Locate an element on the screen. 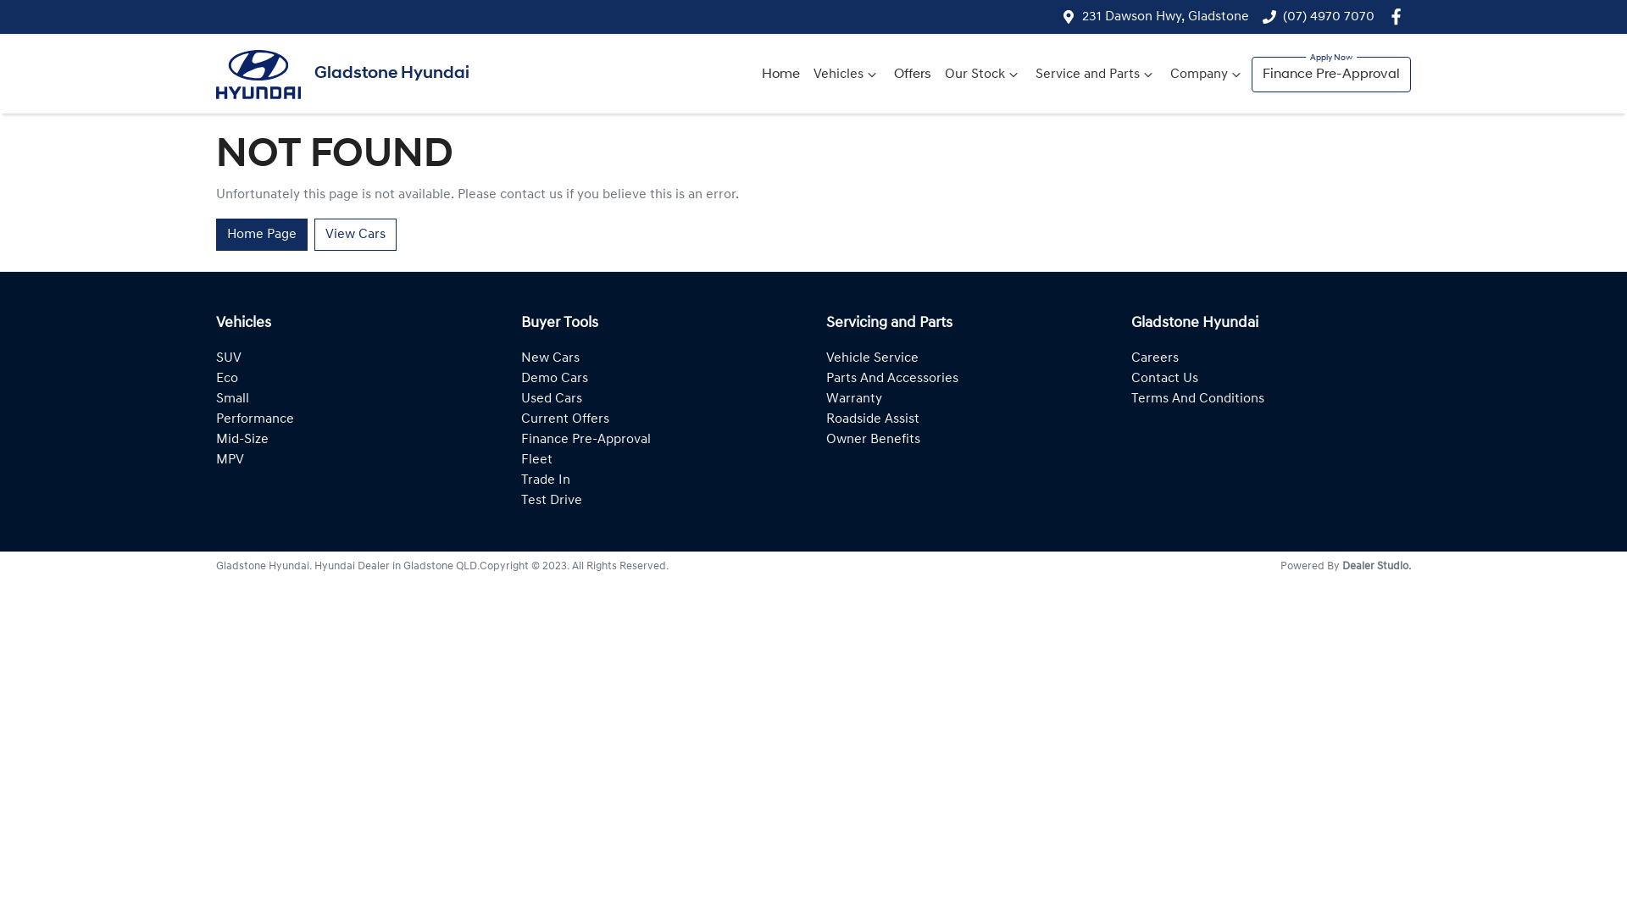 This screenshot has height=915, width=1627. 'Fleet' is located at coordinates (536, 460).